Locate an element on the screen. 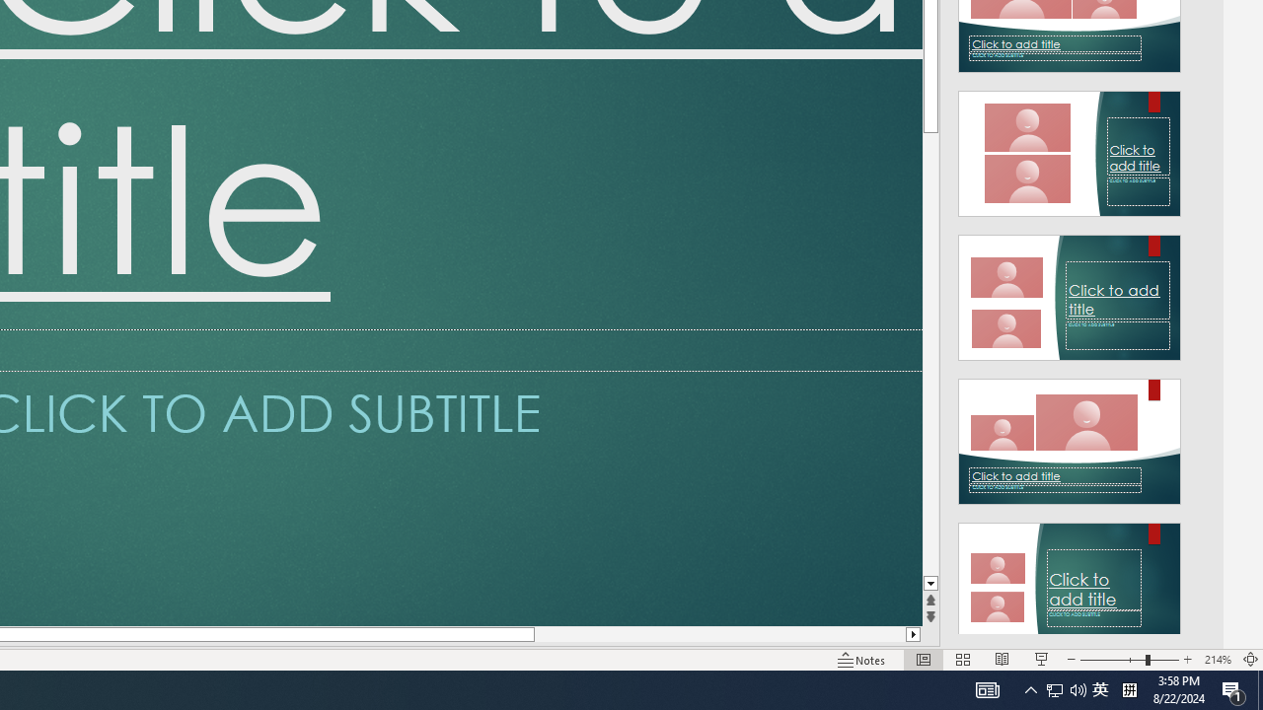  'Zoom 214%' is located at coordinates (1217, 660).